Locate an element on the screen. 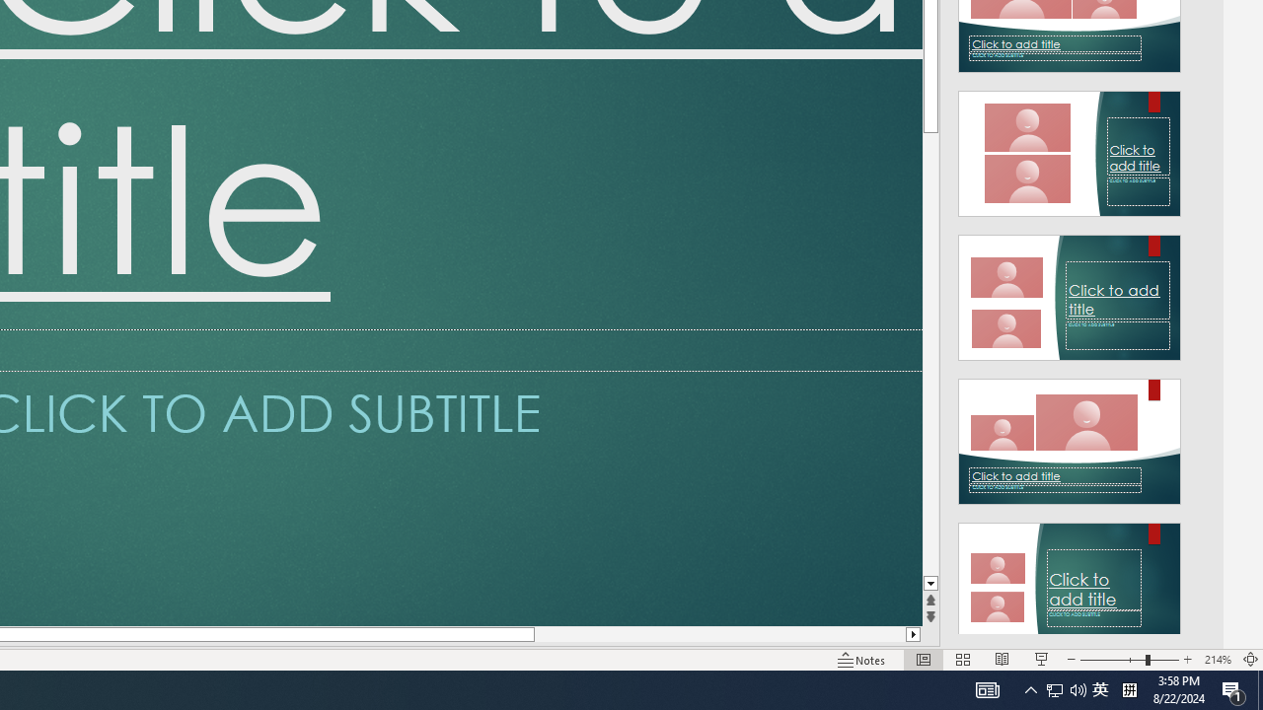  'Zoom 214%' is located at coordinates (1217, 660).